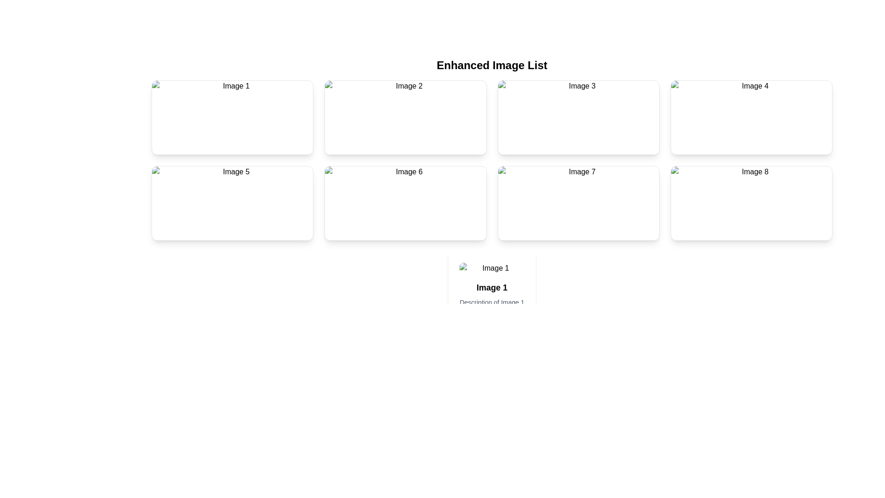 This screenshot has width=885, height=498. I want to click on the image element labeled 'Image 8' located inside the last card of the rightmost column in the 'Enhanced Image List', so click(751, 202).